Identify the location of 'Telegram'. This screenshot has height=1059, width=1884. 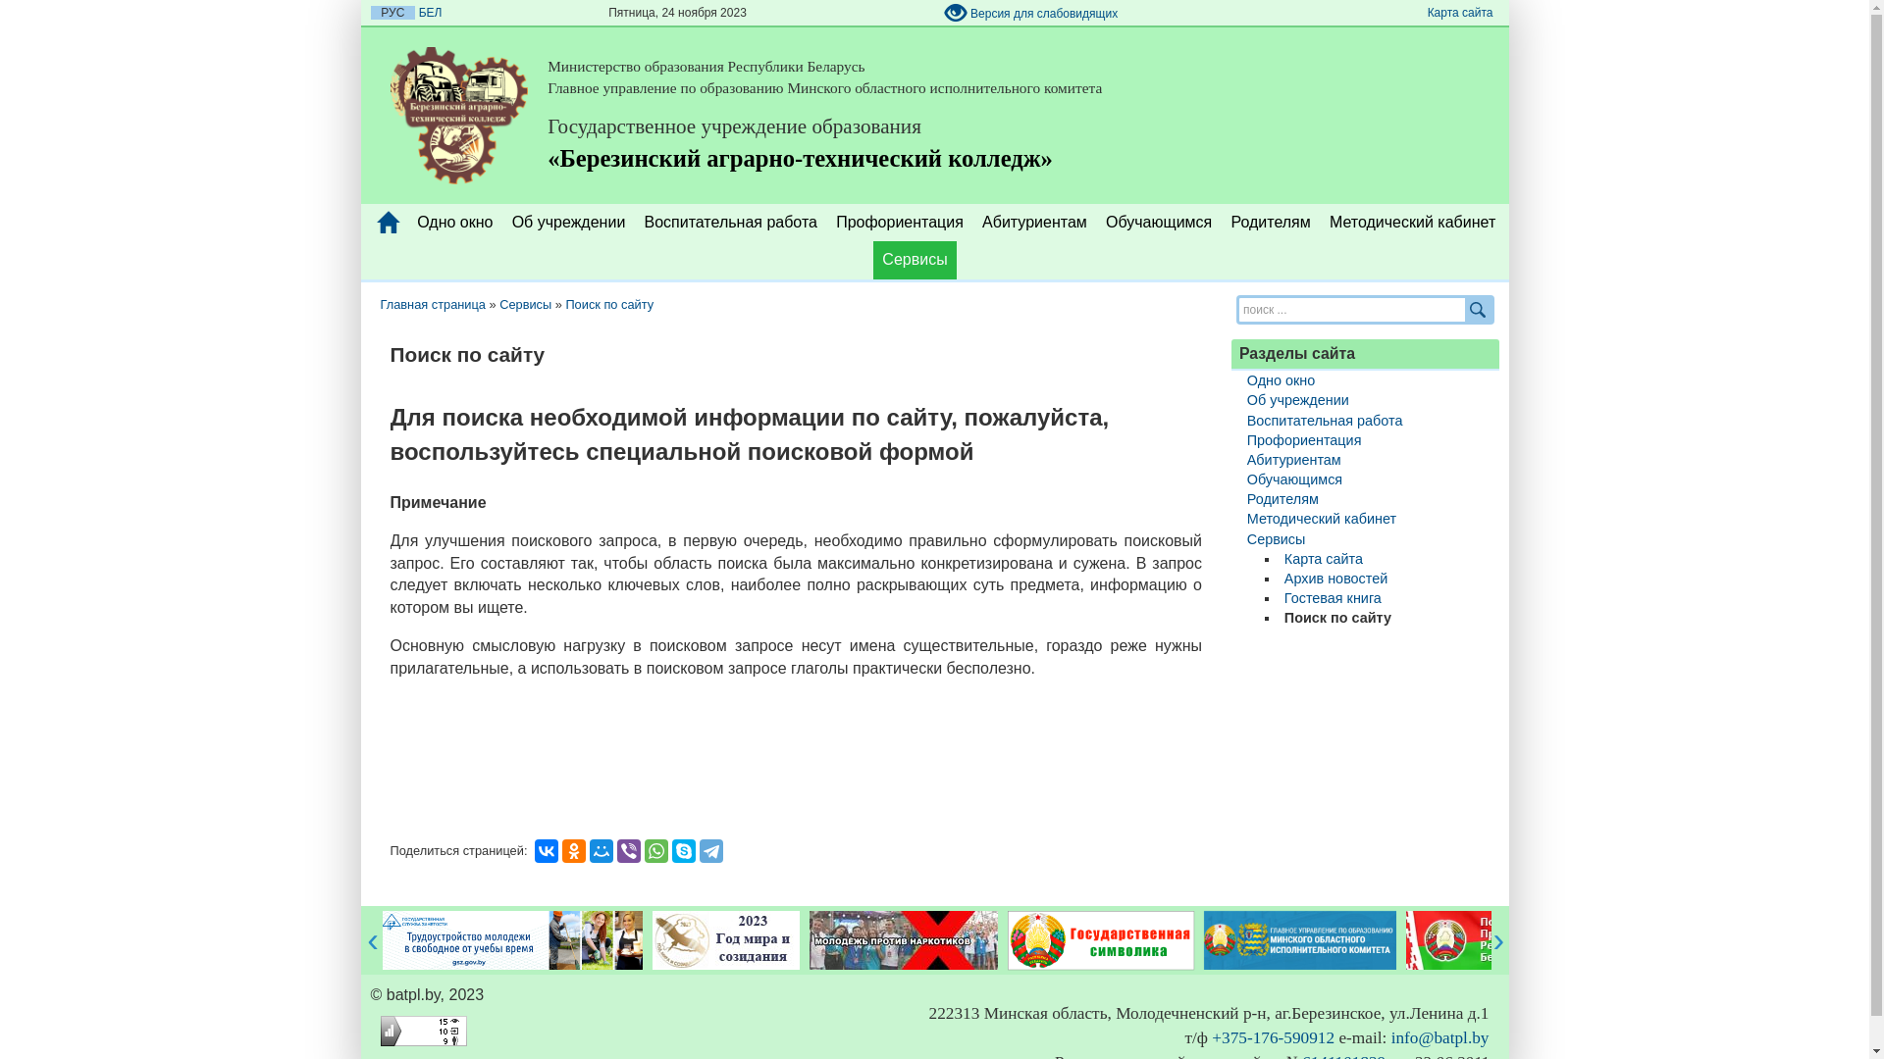
(700, 849).